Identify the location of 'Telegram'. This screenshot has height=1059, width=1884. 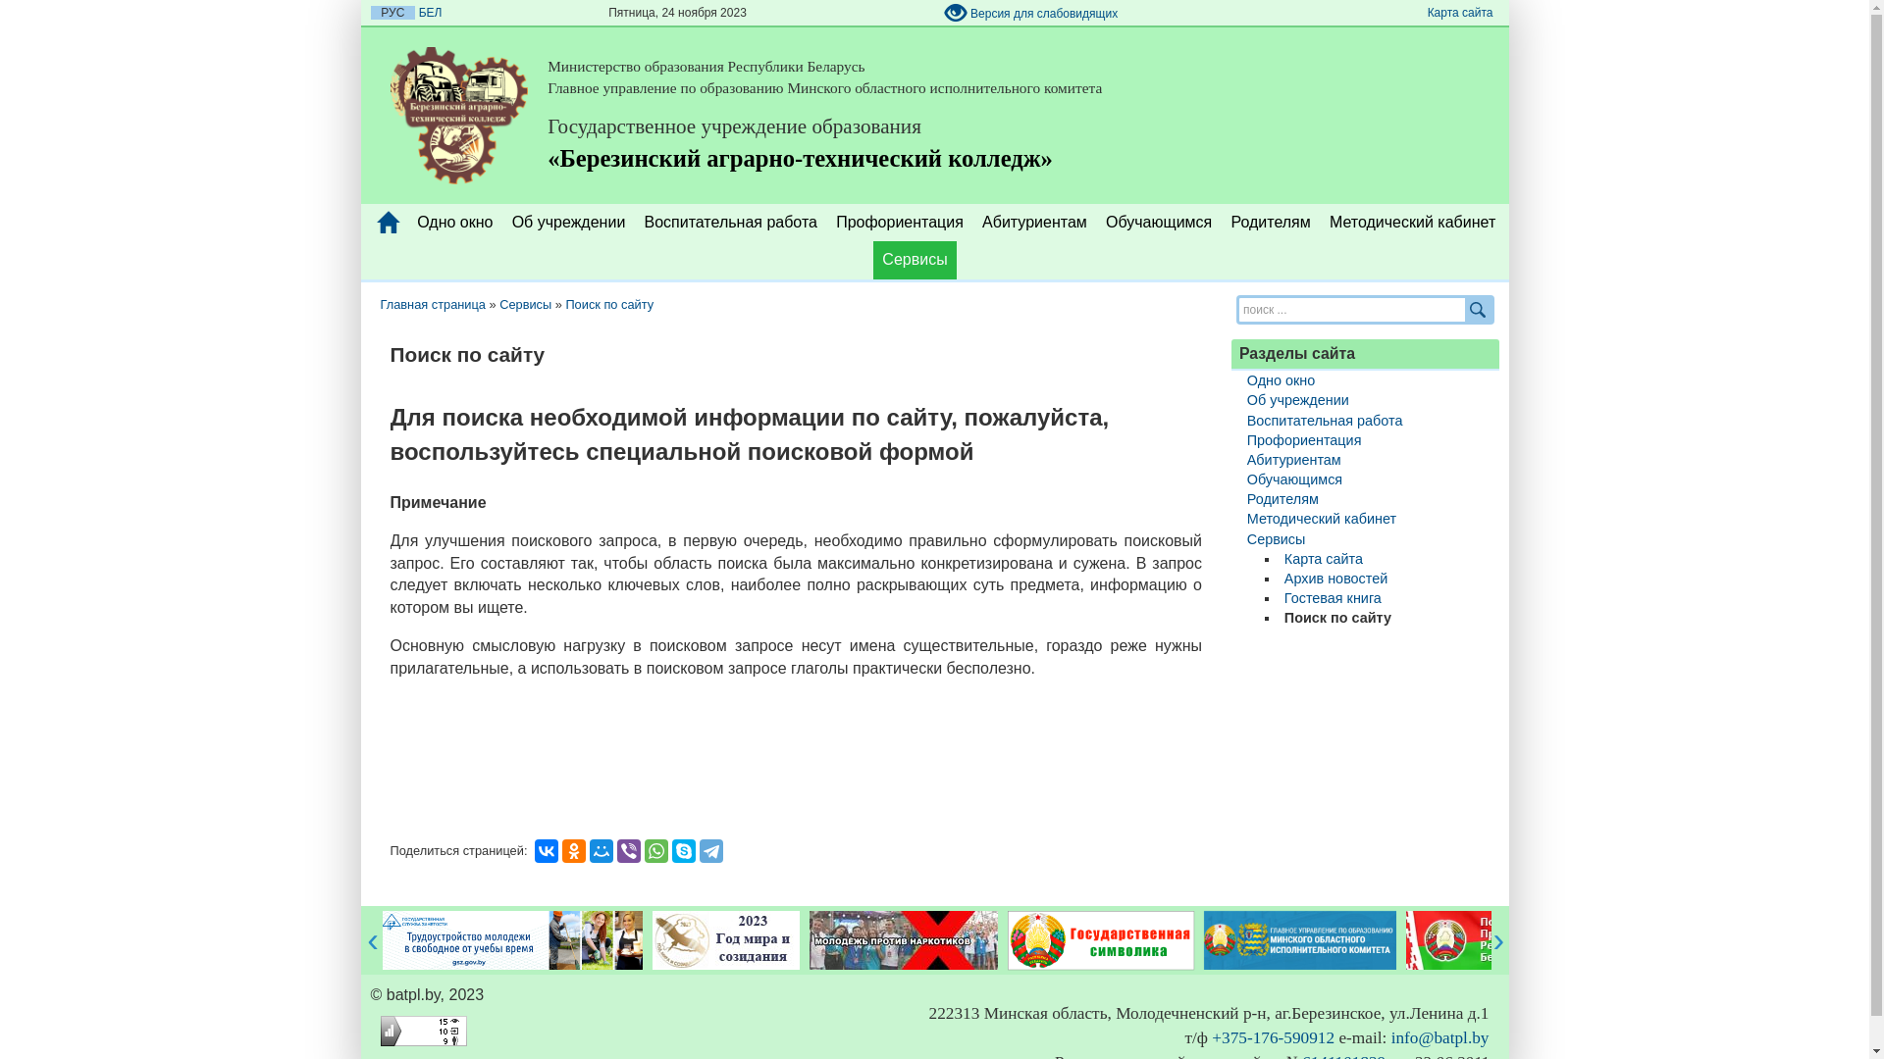
(700, 849).